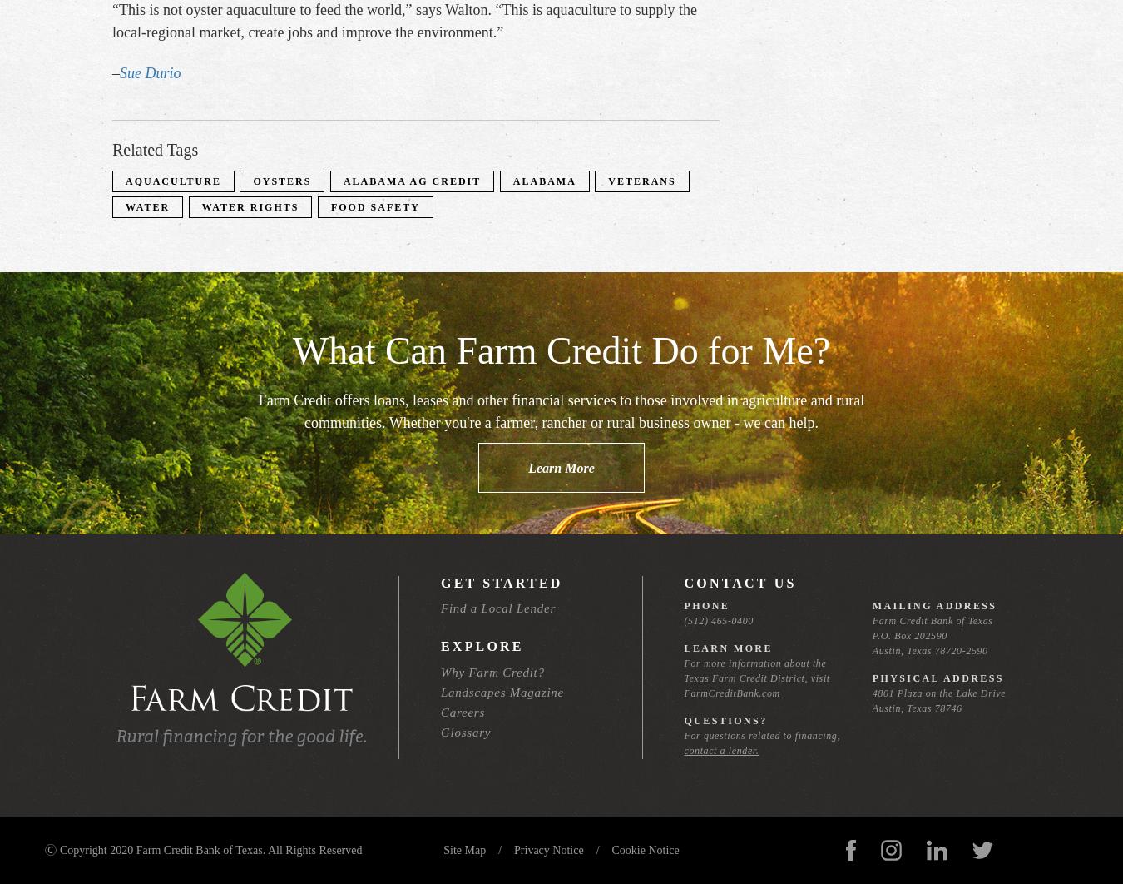  I want to click on 'Veterans', so click(641, 180).